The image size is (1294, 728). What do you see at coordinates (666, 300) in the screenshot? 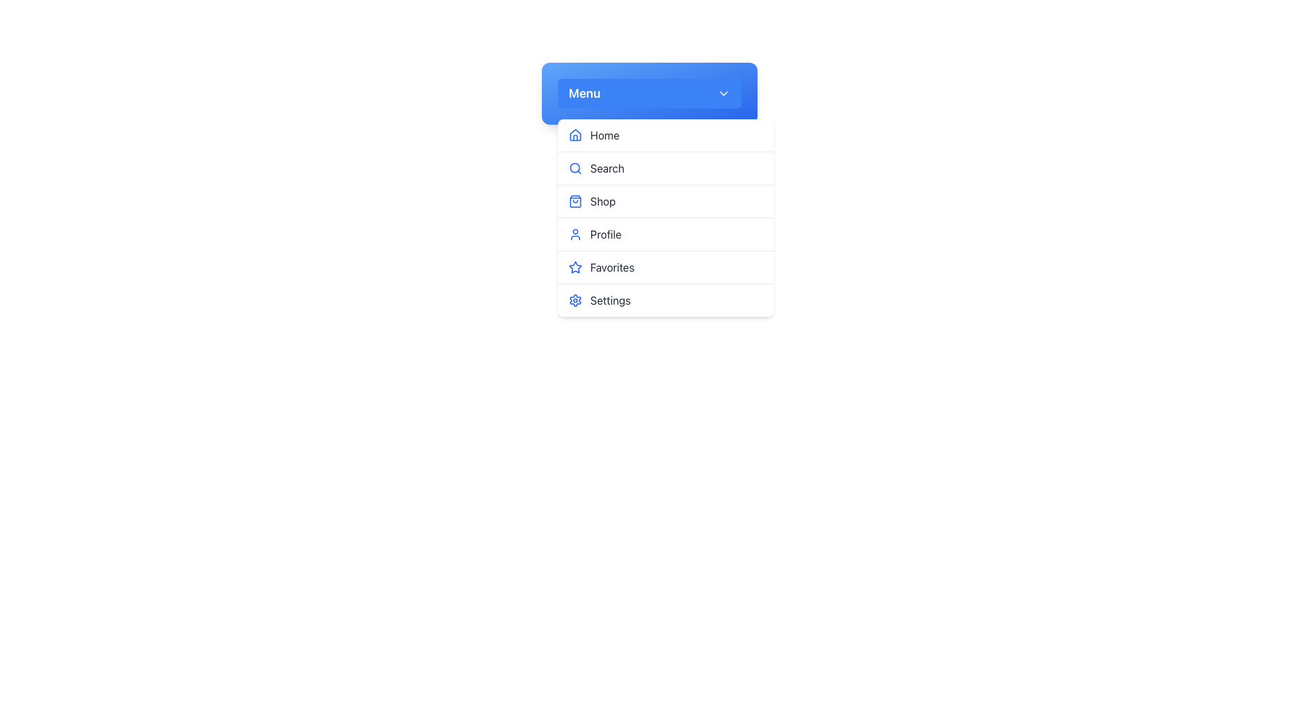
I see `the navigation button located beneath the 'Favorites' entry in the vertical menu` at bounding box center [666, 300].